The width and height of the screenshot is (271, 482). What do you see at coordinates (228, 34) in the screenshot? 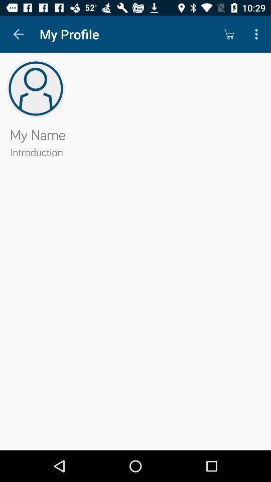
I see `icon to the right of my profile` at bounding box center [228, 34].